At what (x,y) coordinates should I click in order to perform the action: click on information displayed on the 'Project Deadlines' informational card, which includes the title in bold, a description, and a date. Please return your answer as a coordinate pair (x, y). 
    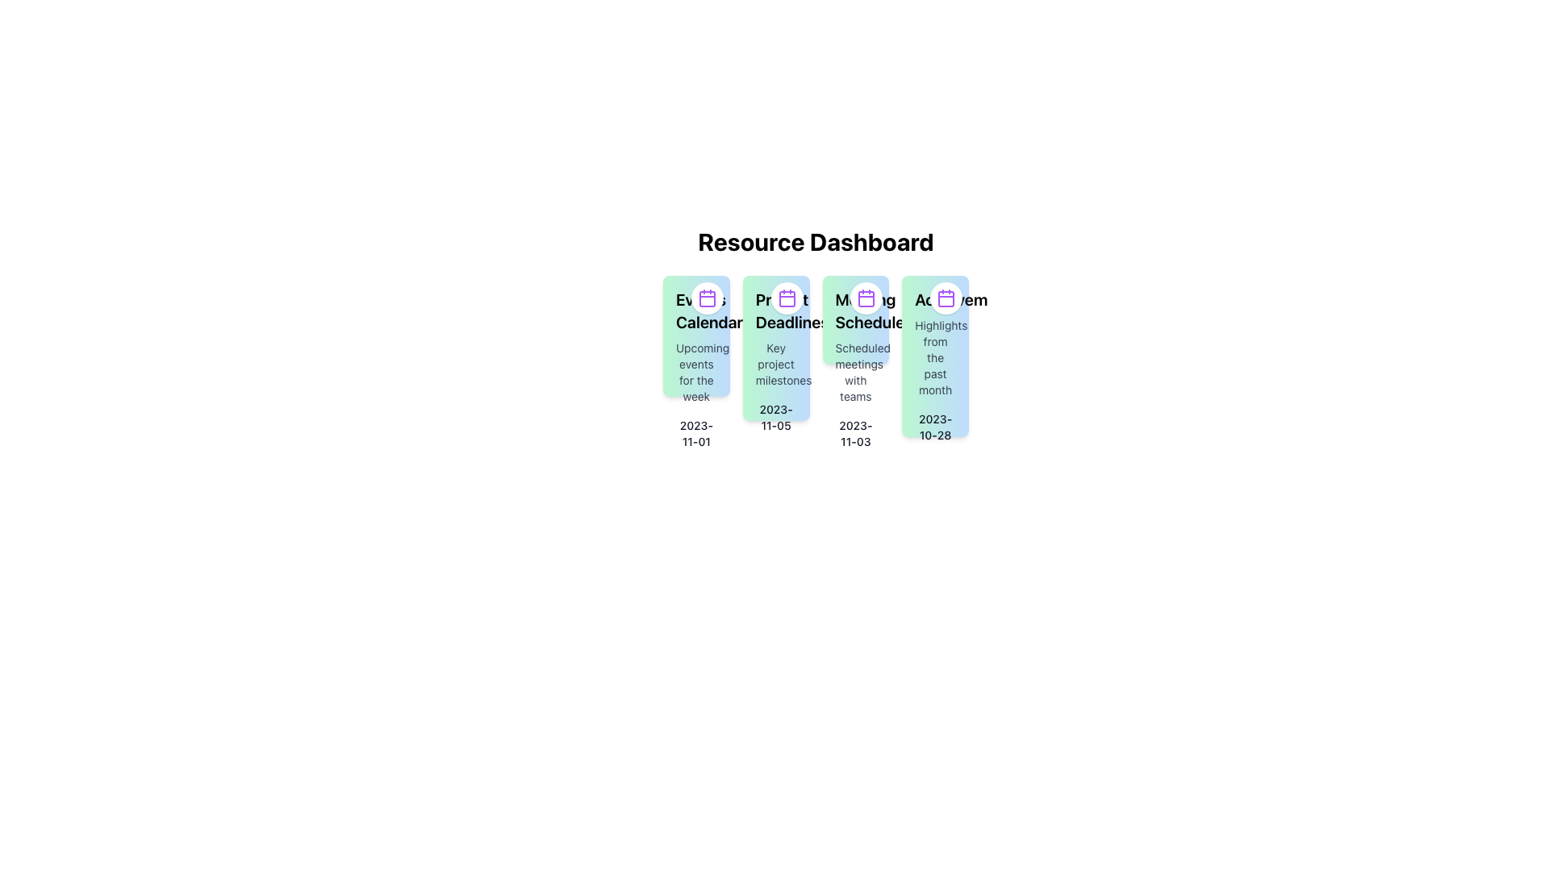
    Looking at the image, I should click on (776, 348).